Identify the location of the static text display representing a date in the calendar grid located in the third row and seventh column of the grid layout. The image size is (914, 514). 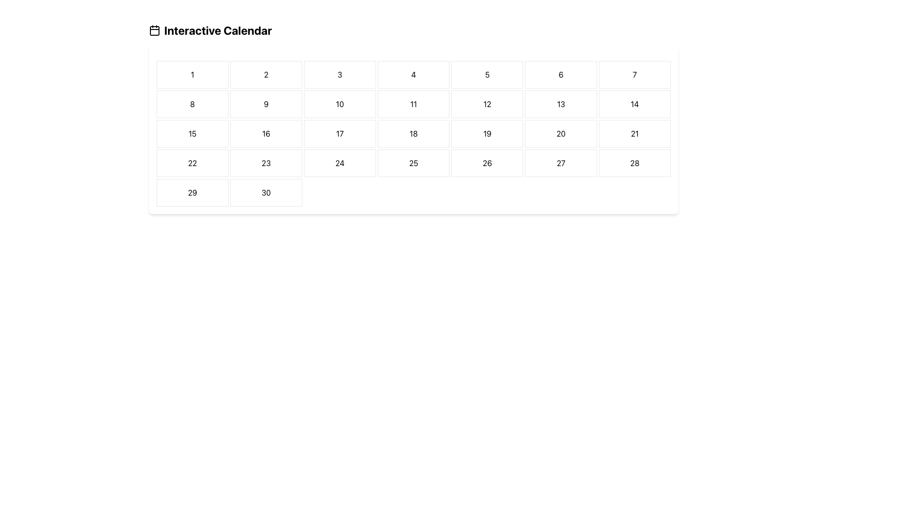
(635, 134).